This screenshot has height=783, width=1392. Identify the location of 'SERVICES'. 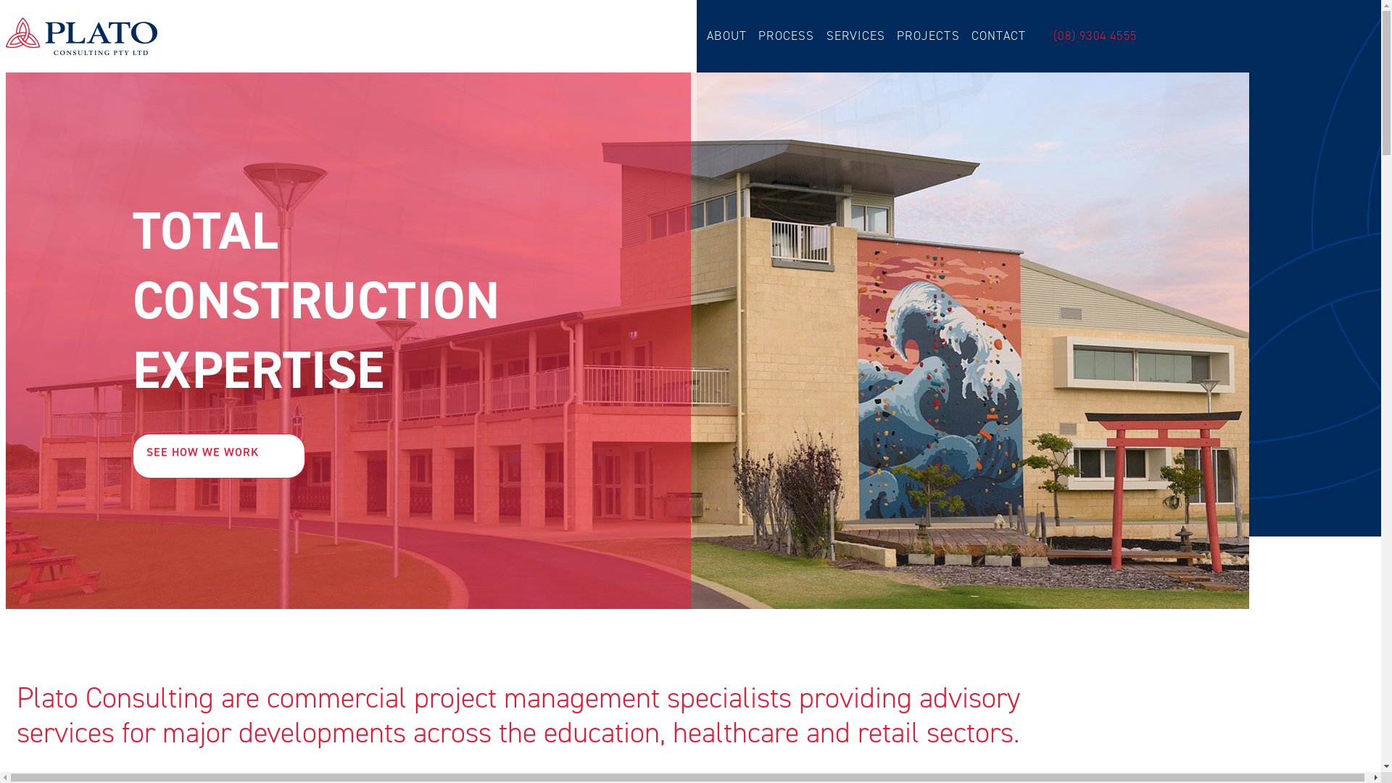
(855, 35).